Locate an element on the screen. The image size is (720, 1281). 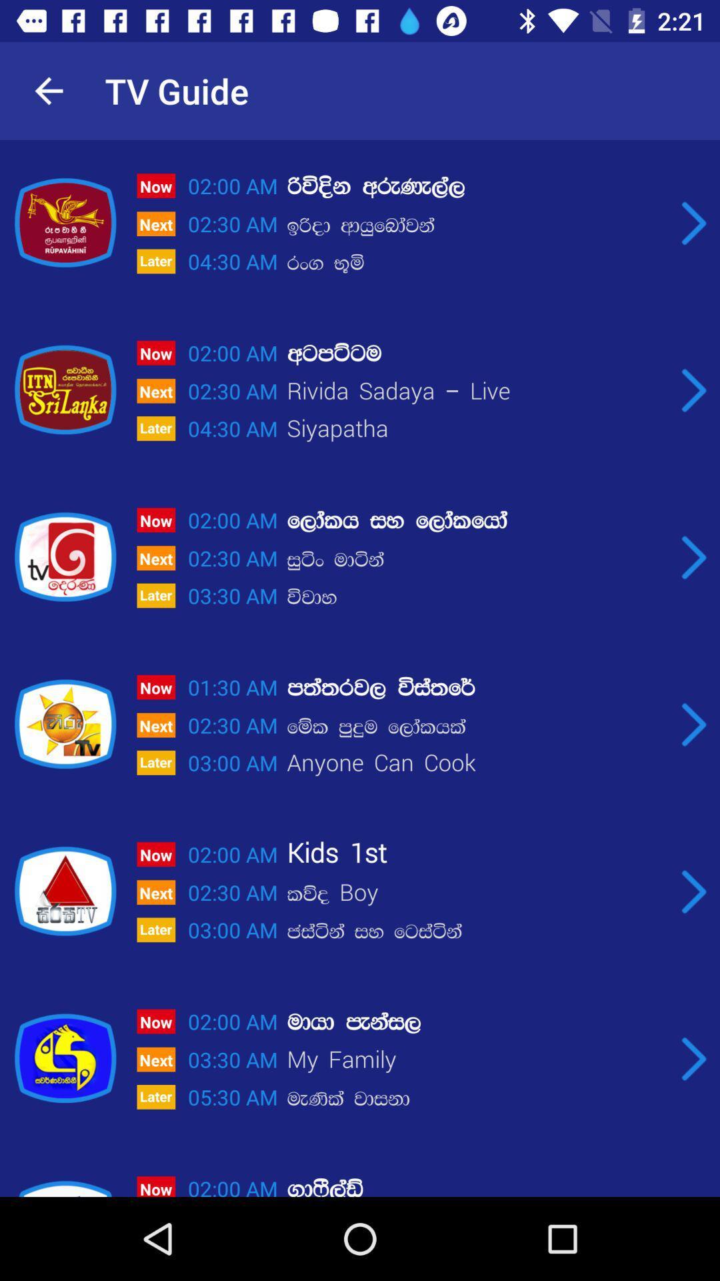
the icon next to 02:00 am icon is located at coordinates (476, 353).